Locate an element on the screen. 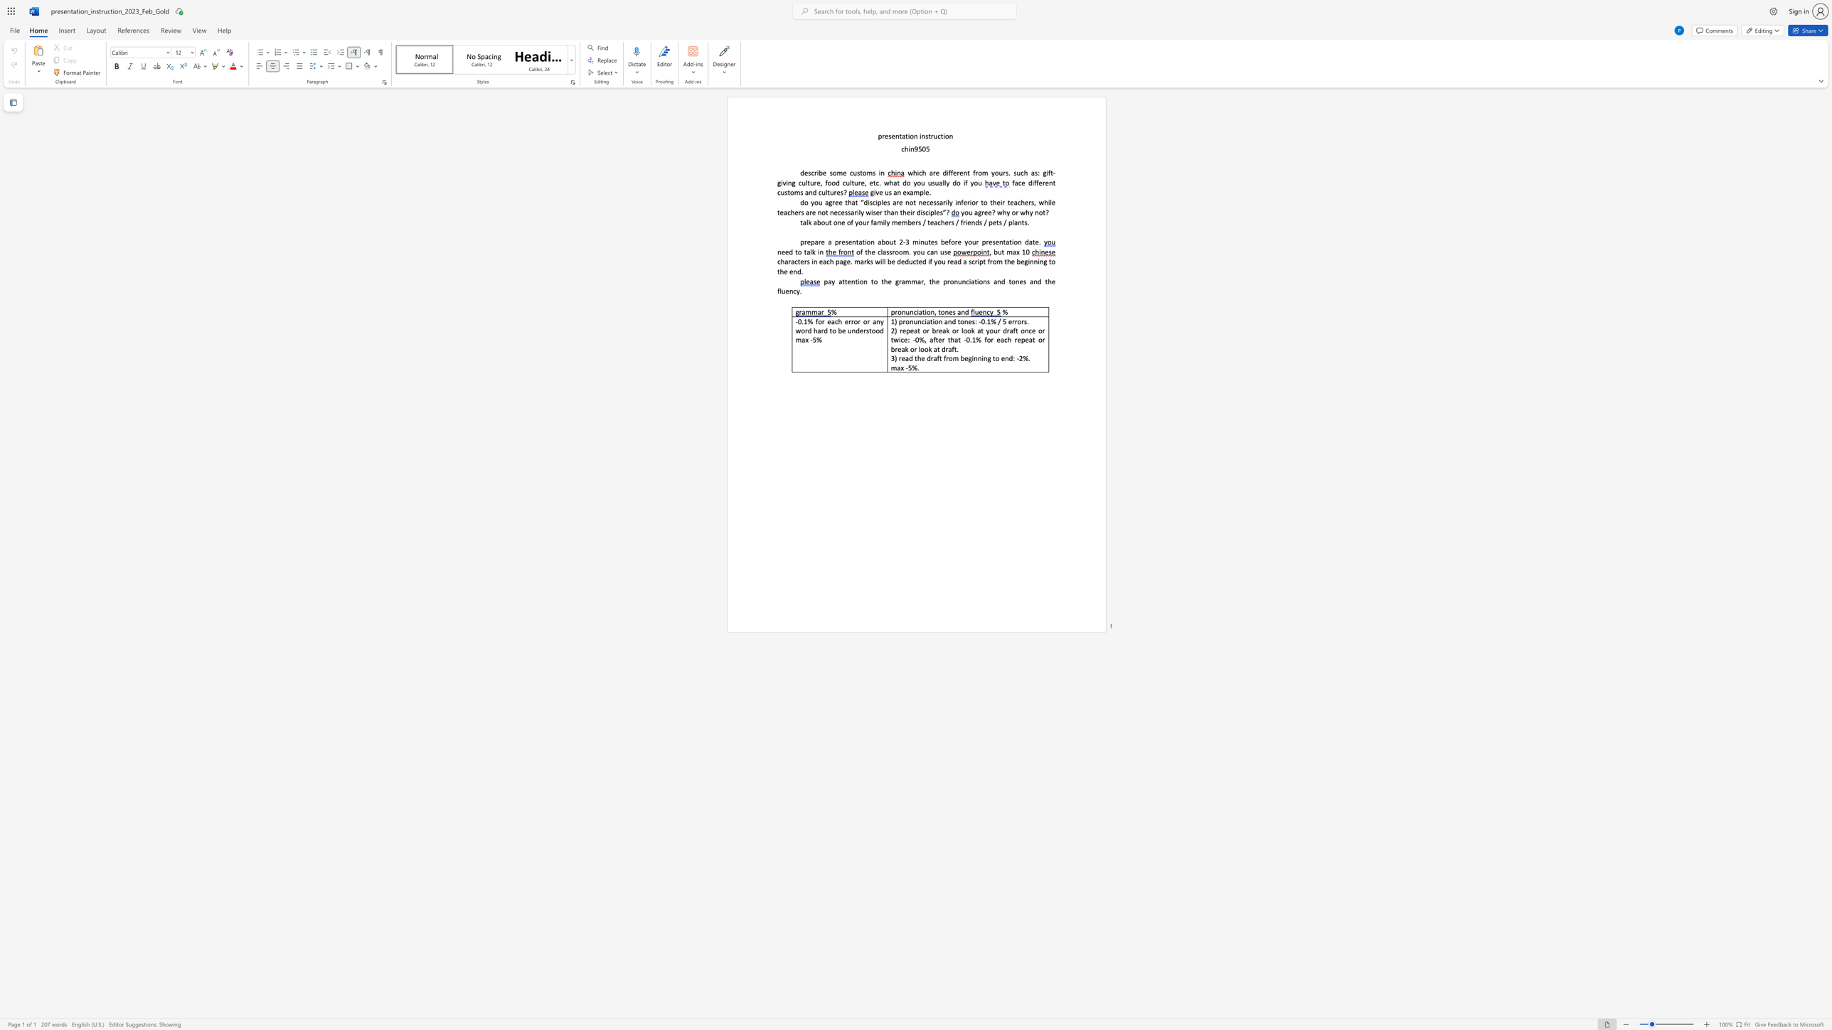 This screenshot has height=1030, width=1832. the subset text "rom the begi" within the text "characters in each page. marks will be deducted if you read a script from the beginning to the end." is located at coordinates (989, 260).